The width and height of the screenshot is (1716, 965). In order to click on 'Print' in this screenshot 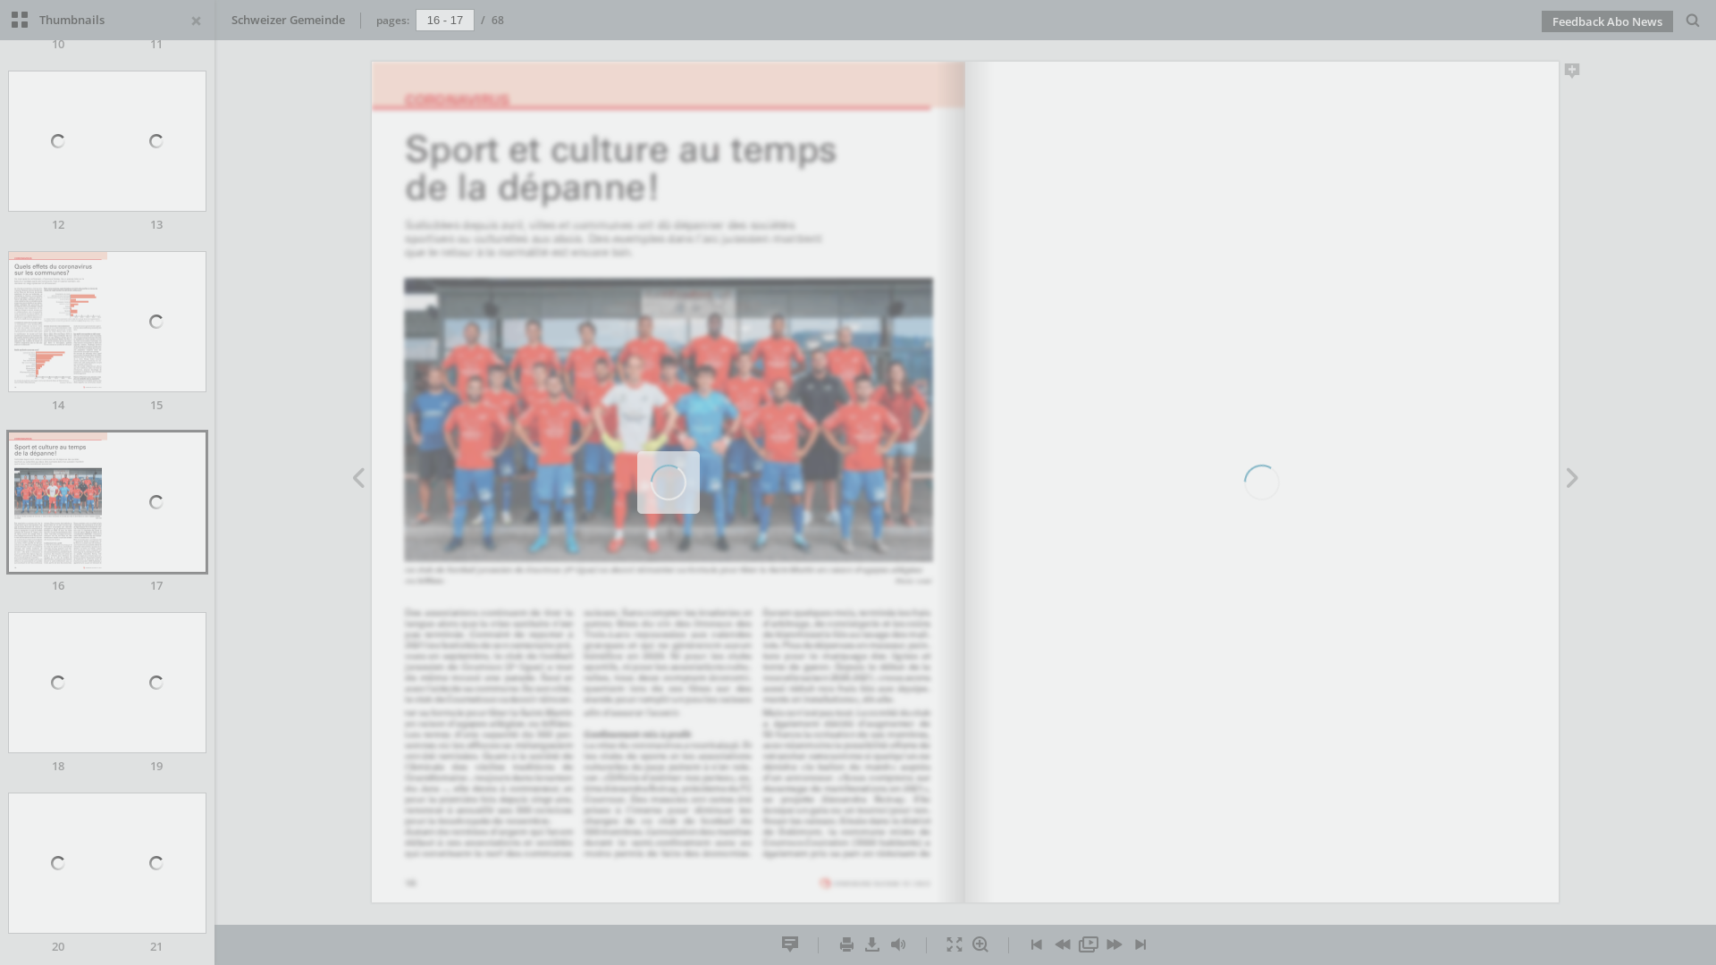, I will do `click(845, 944)`.